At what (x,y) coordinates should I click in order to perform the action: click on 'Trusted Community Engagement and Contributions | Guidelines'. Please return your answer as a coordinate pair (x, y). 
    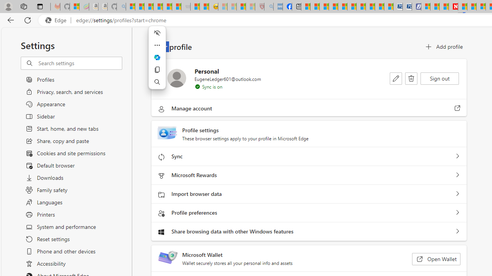
    Looking at the image, I should click on (462, 7).